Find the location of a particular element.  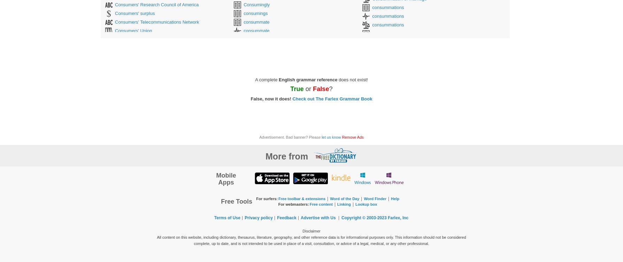

'Feedback' is located at coordinates (286, 218).